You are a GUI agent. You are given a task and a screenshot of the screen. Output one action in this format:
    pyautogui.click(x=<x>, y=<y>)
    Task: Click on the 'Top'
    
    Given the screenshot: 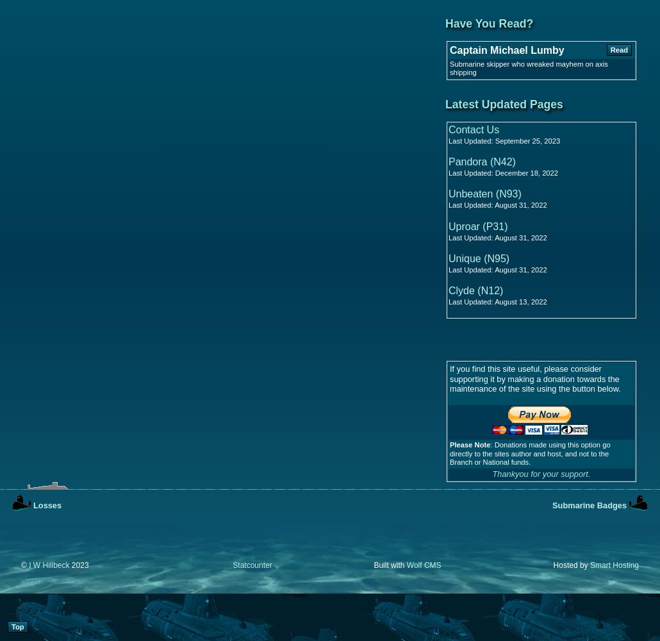 What is the action you would take?
    pyautogui.click(x=17, y=626)
    